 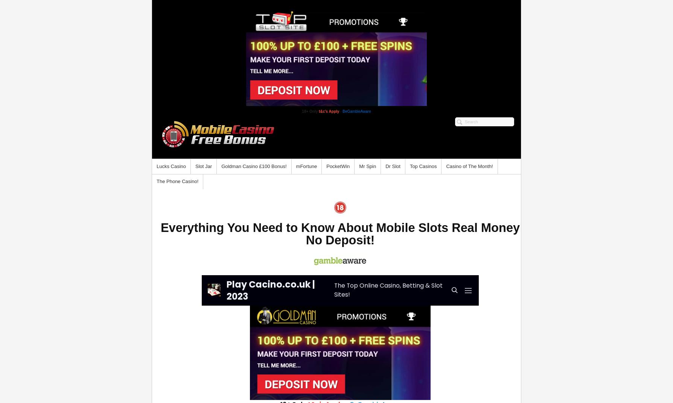 What do you see at coordinates (306, 166) in the screenshot?
I see `'mFortune'` at bounding box center [306, 166].